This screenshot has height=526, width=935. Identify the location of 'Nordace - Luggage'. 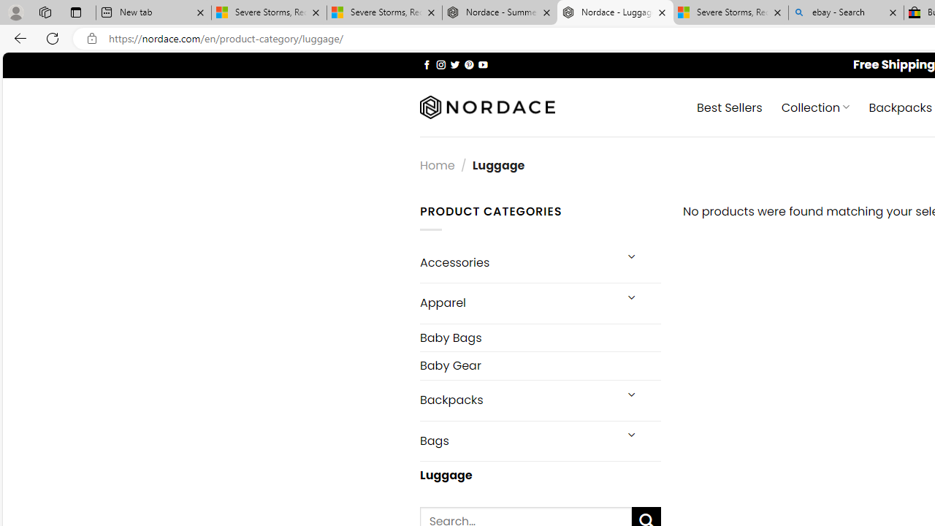
(615, 12).